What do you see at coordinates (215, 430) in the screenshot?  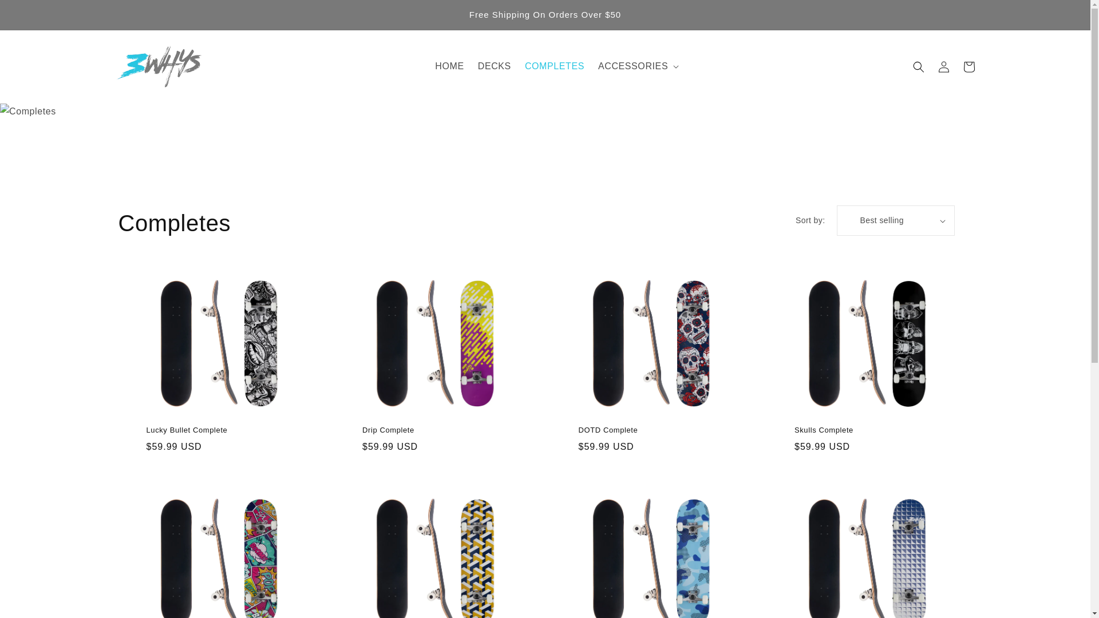 I see `'Lucky Bullet Complete'` at bounding box center [215, 430].